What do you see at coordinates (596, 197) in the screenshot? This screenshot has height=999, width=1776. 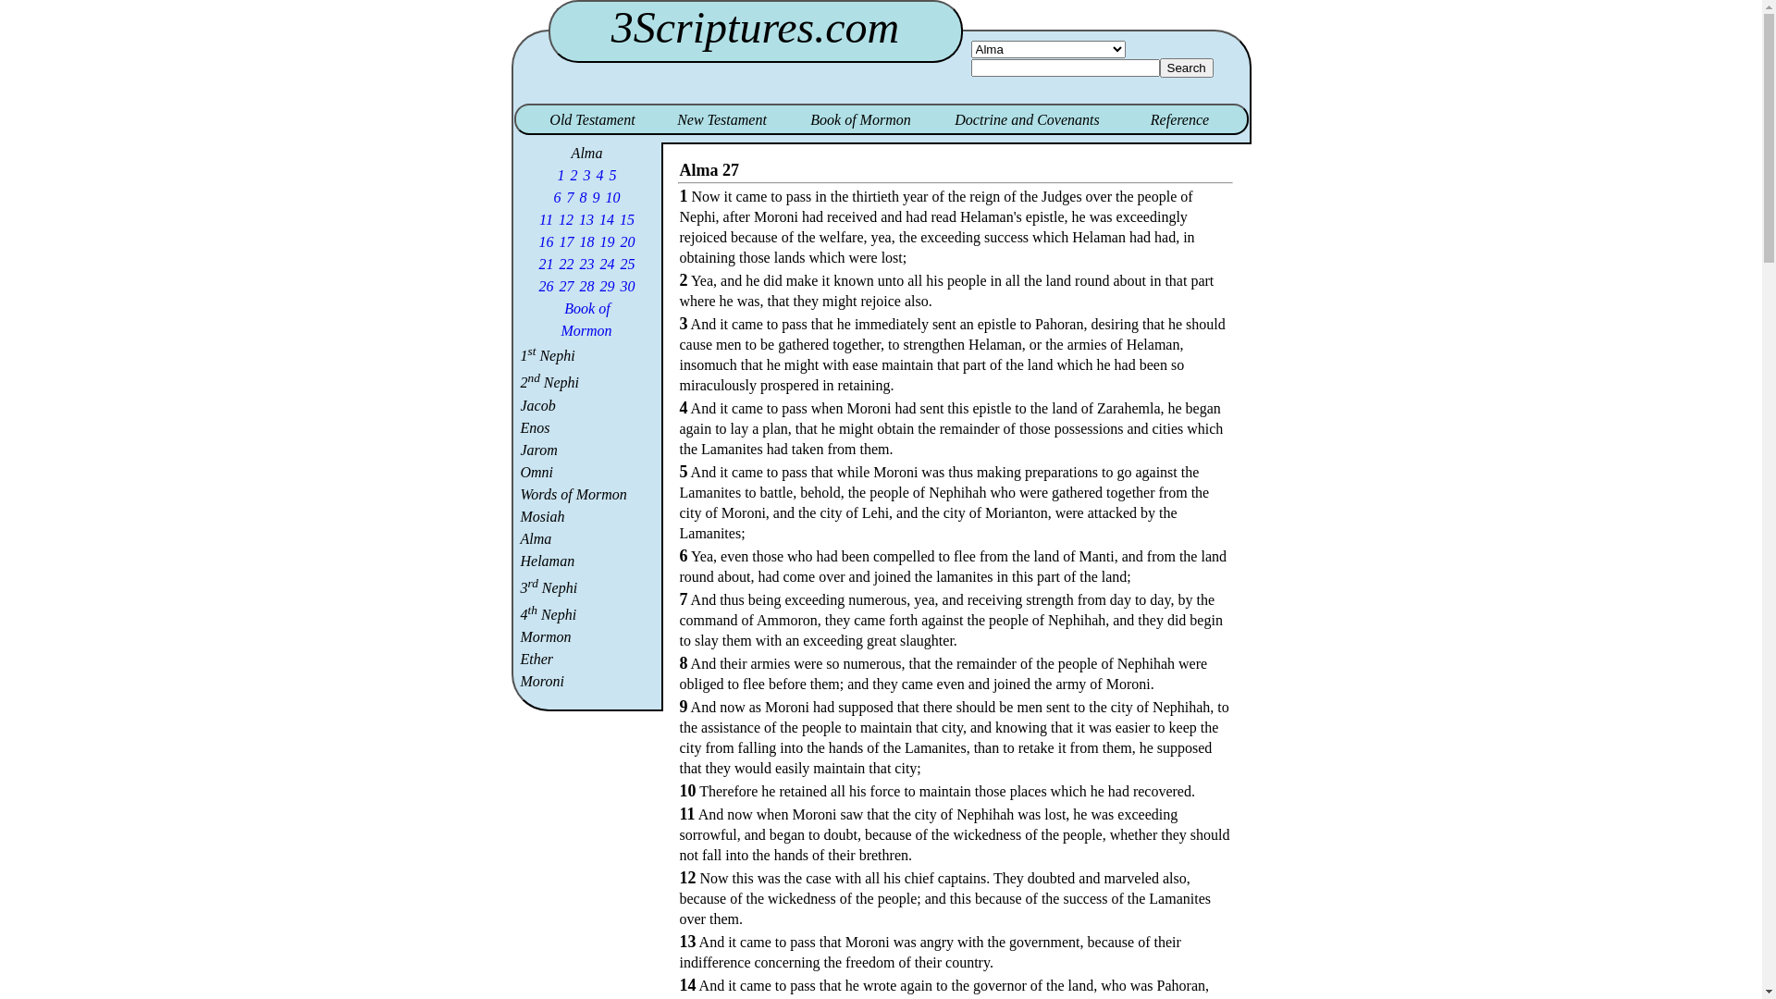 I see `'9'` at bounding box center [596, 197].